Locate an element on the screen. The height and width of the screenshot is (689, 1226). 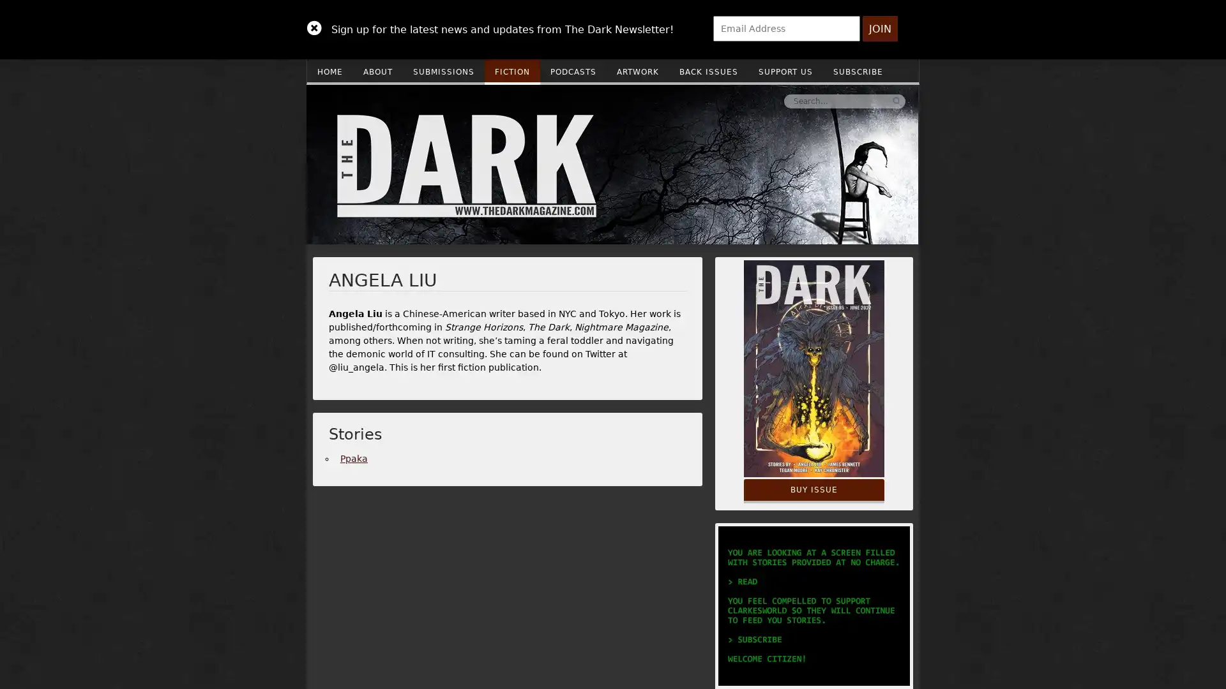
Search is located at coordinates (704, 100).